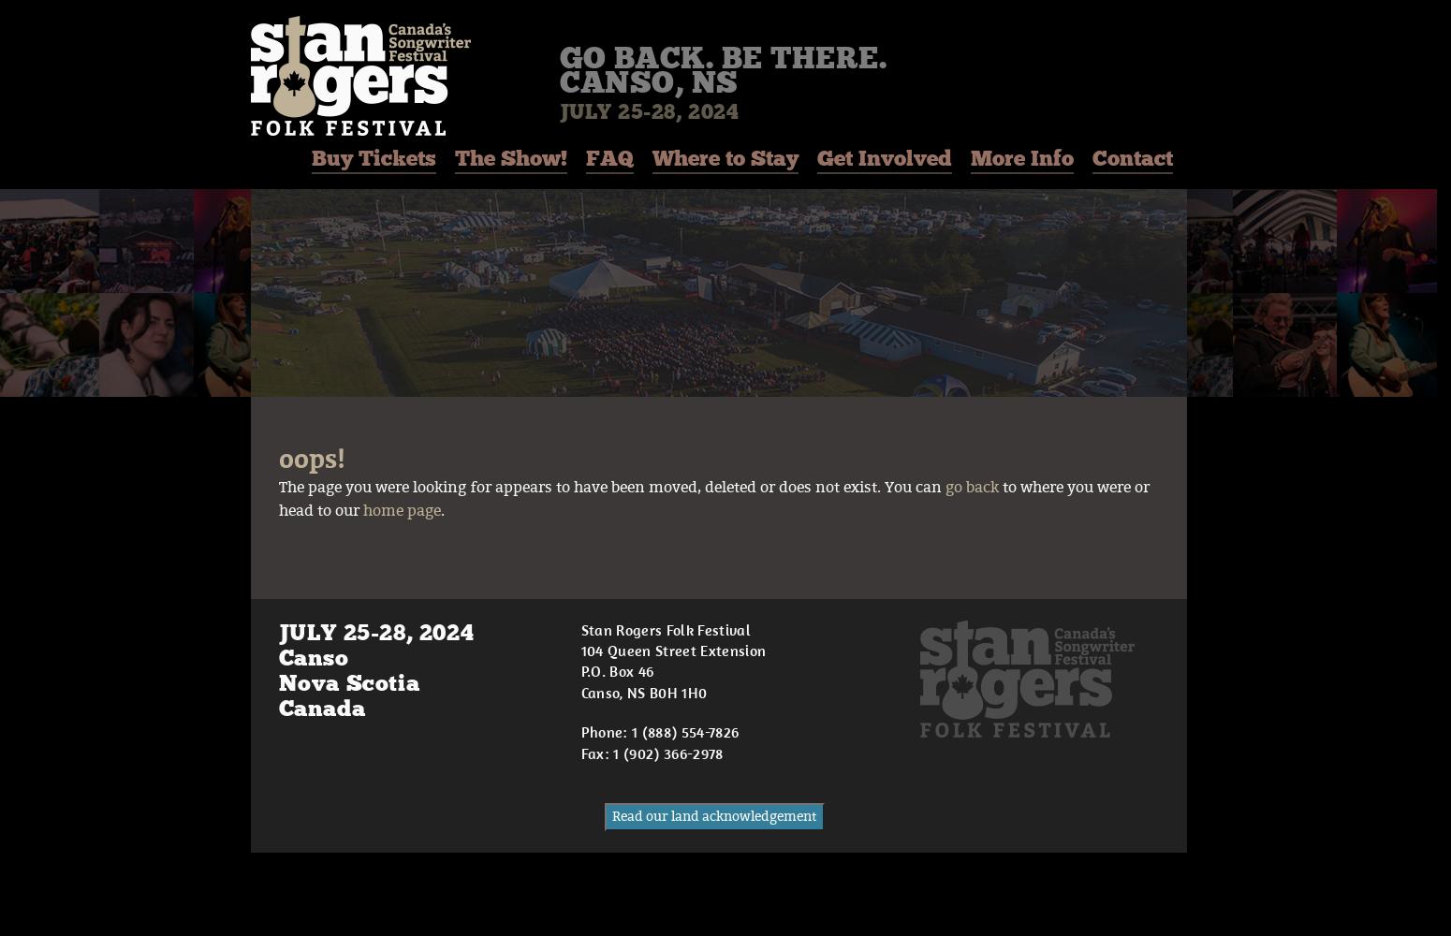  I want to click on 'First Name', so click(535, 851).